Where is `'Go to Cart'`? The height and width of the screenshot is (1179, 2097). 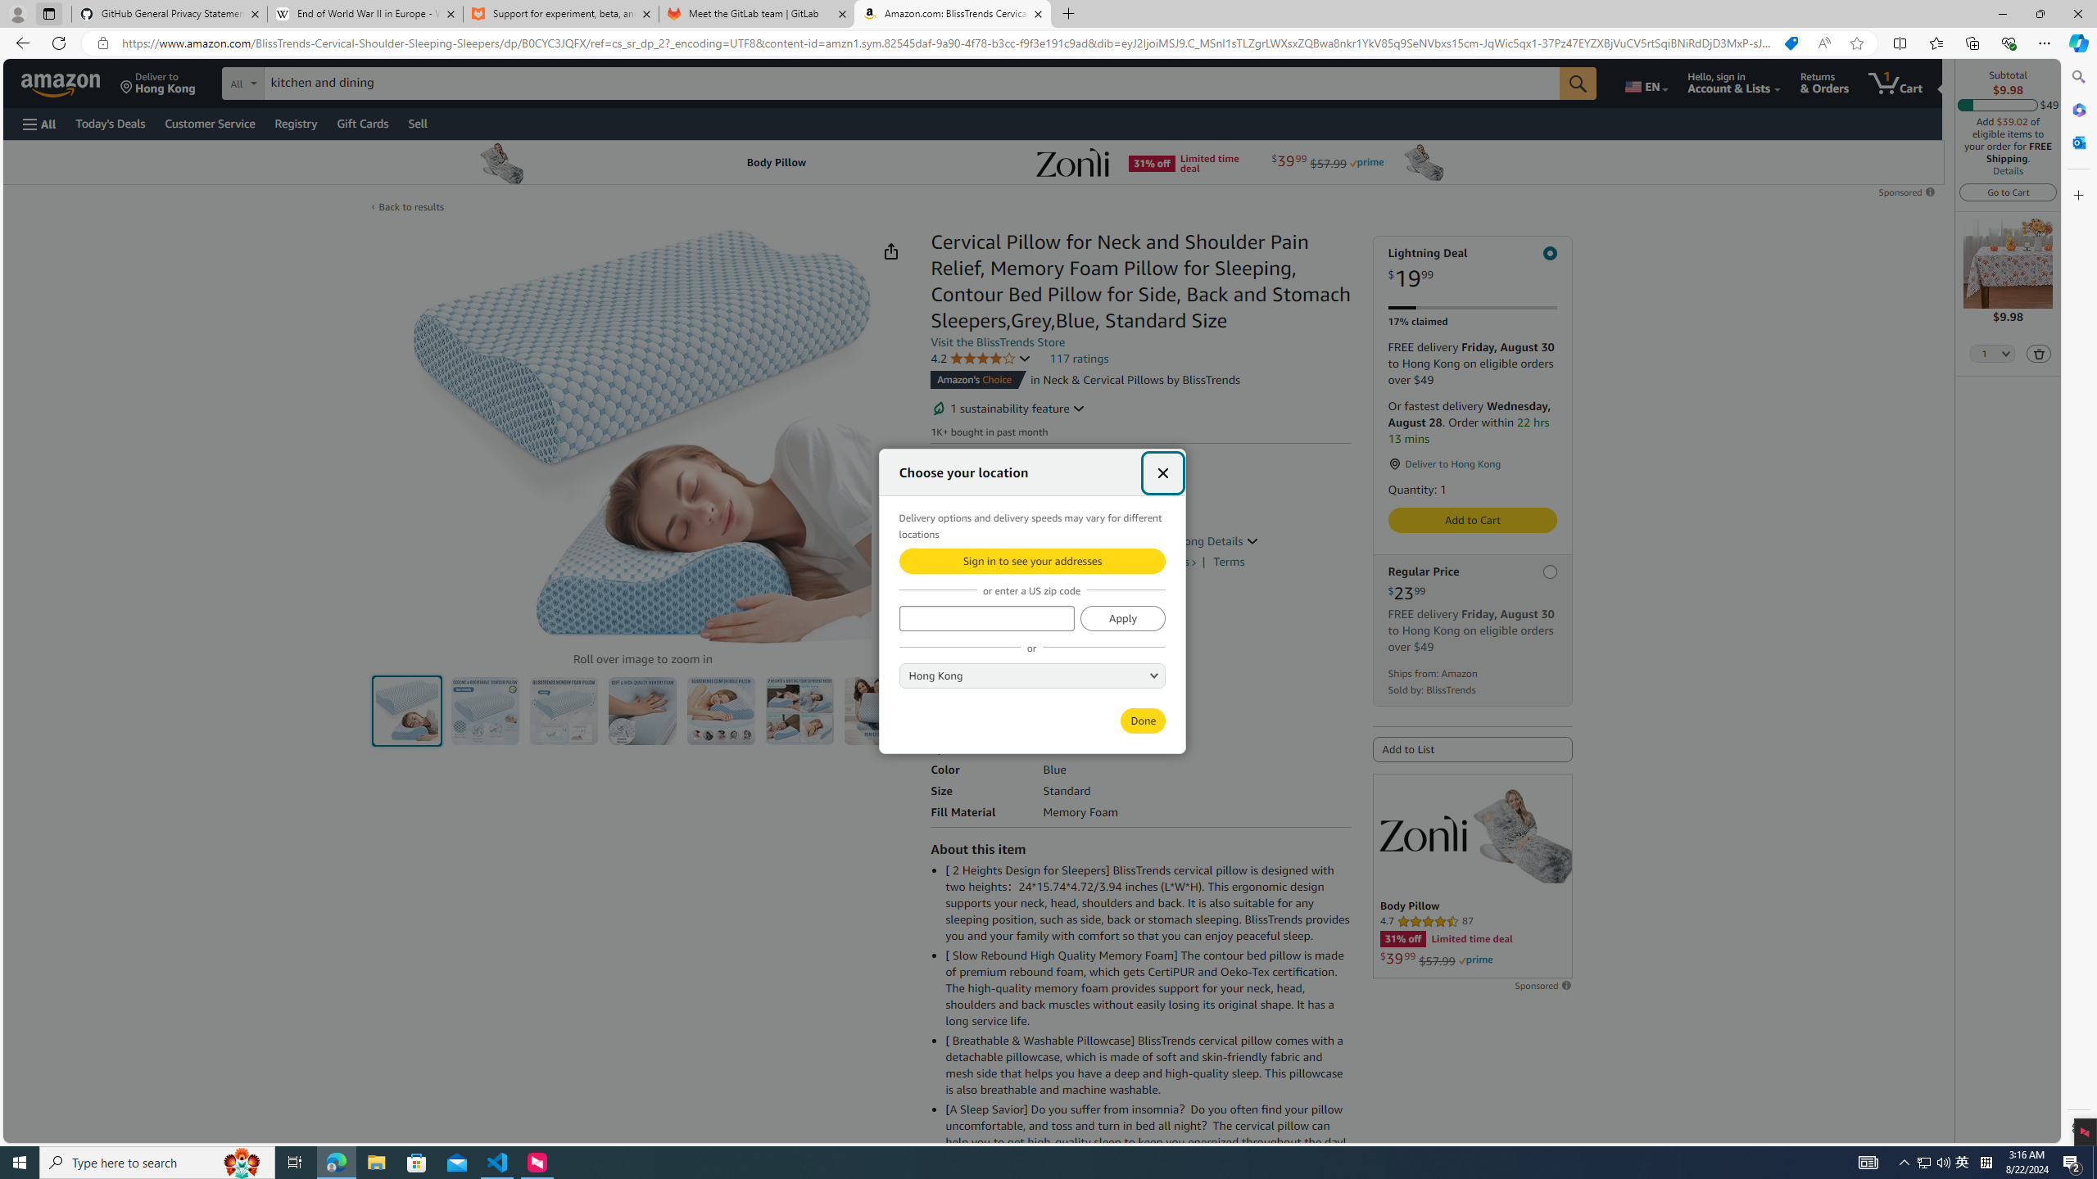 'Go to Cart' is located at coordinates (2007, 191).